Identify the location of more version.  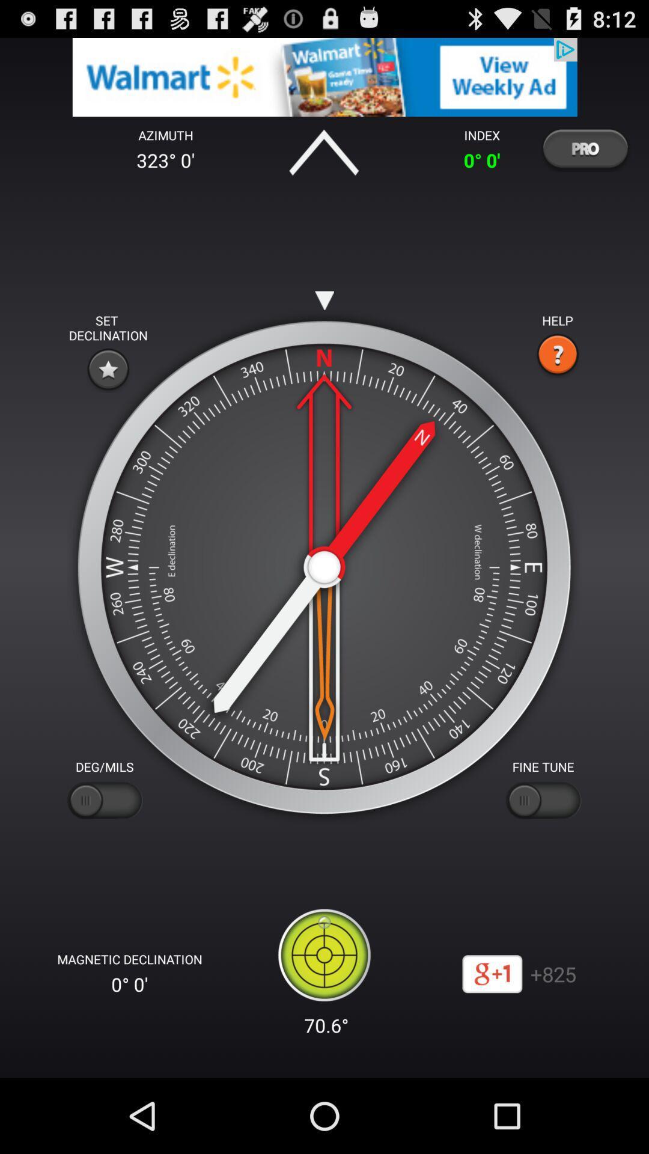
(584, 148).